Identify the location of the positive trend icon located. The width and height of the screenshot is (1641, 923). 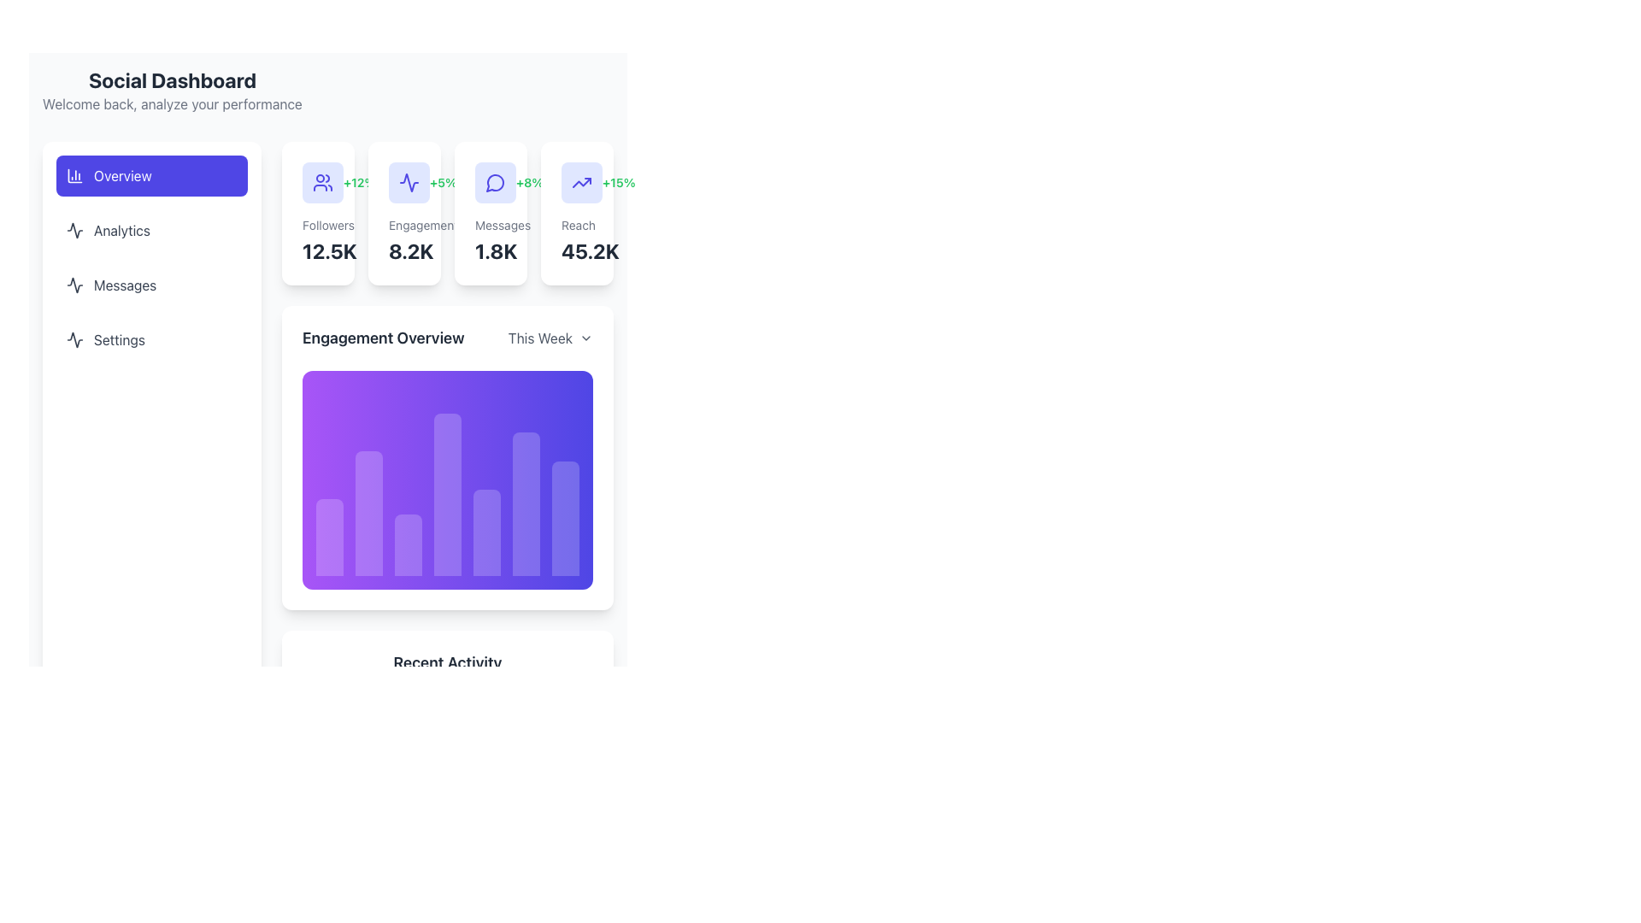
(577, 182).